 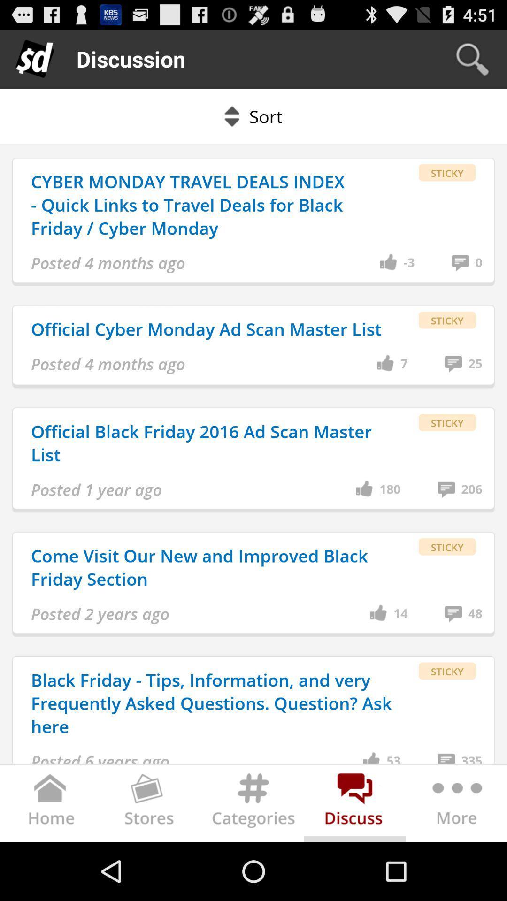 I want to click on app above the black friday tips item, so click(x=400, y=614).